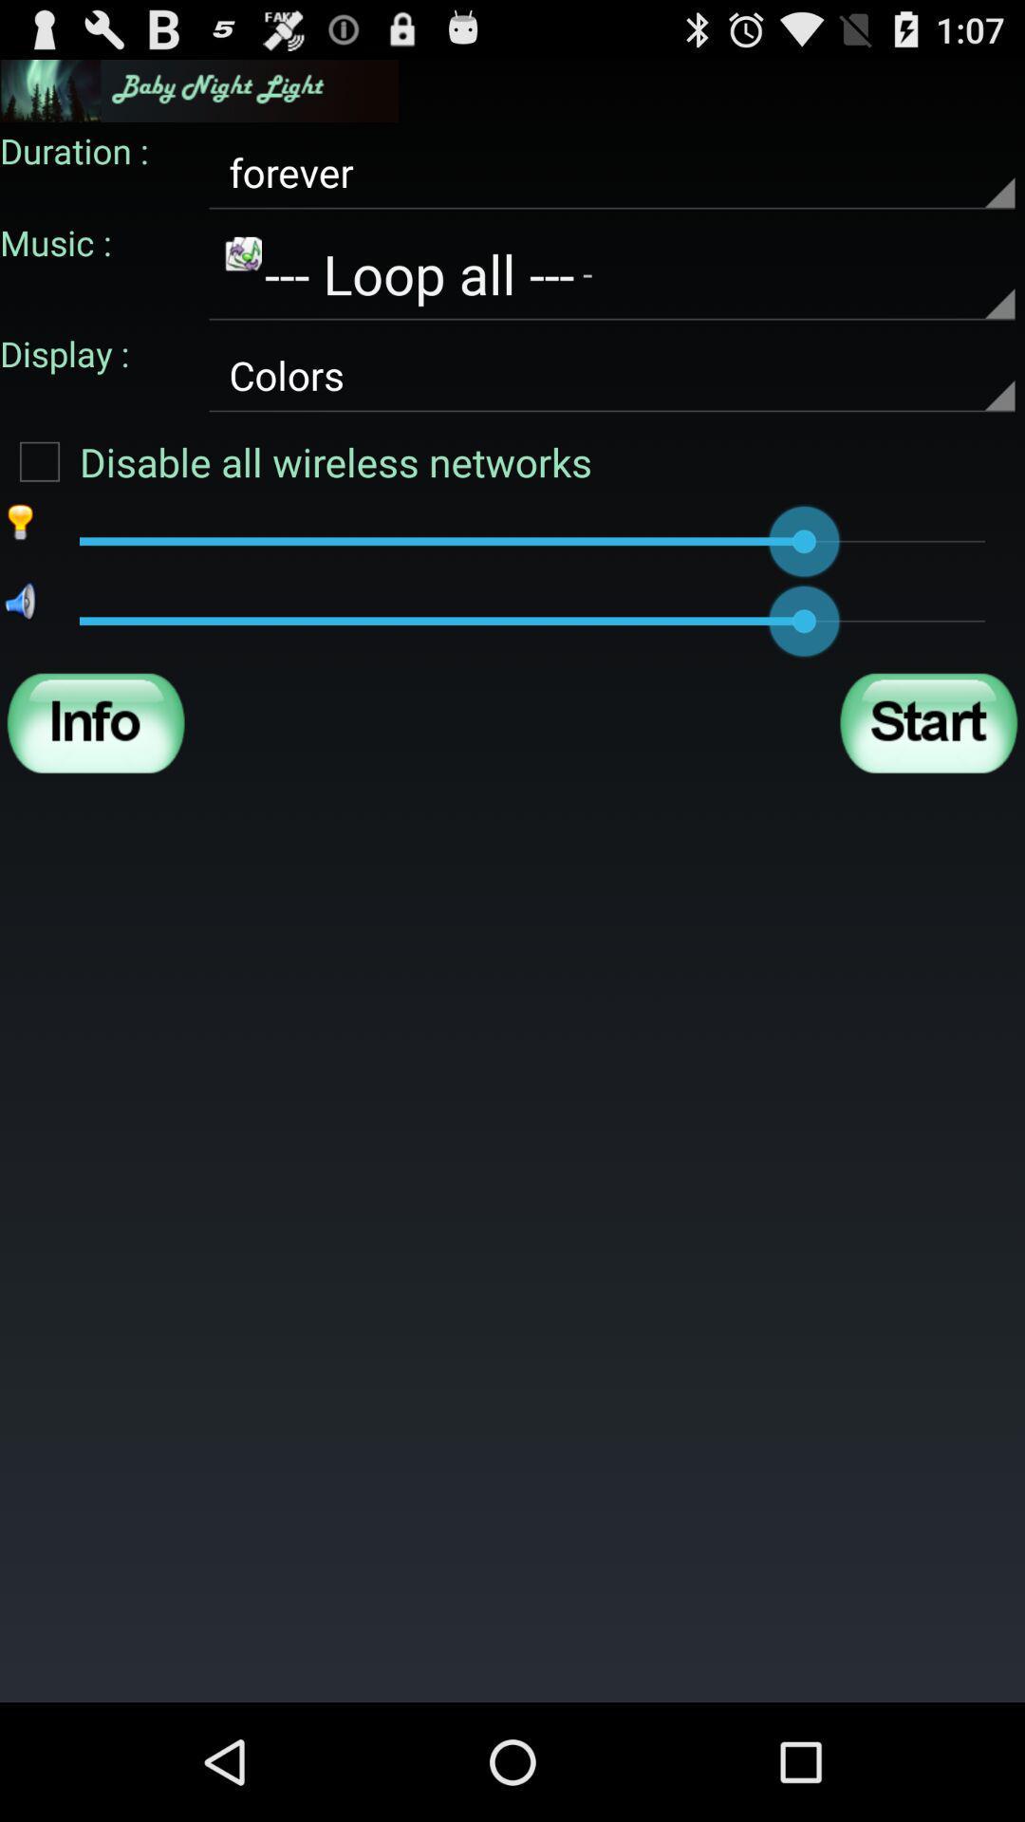  What do you see at coordinates (96, 722) in the screenshot?
I see `more info` at bounding box center [96, 722].